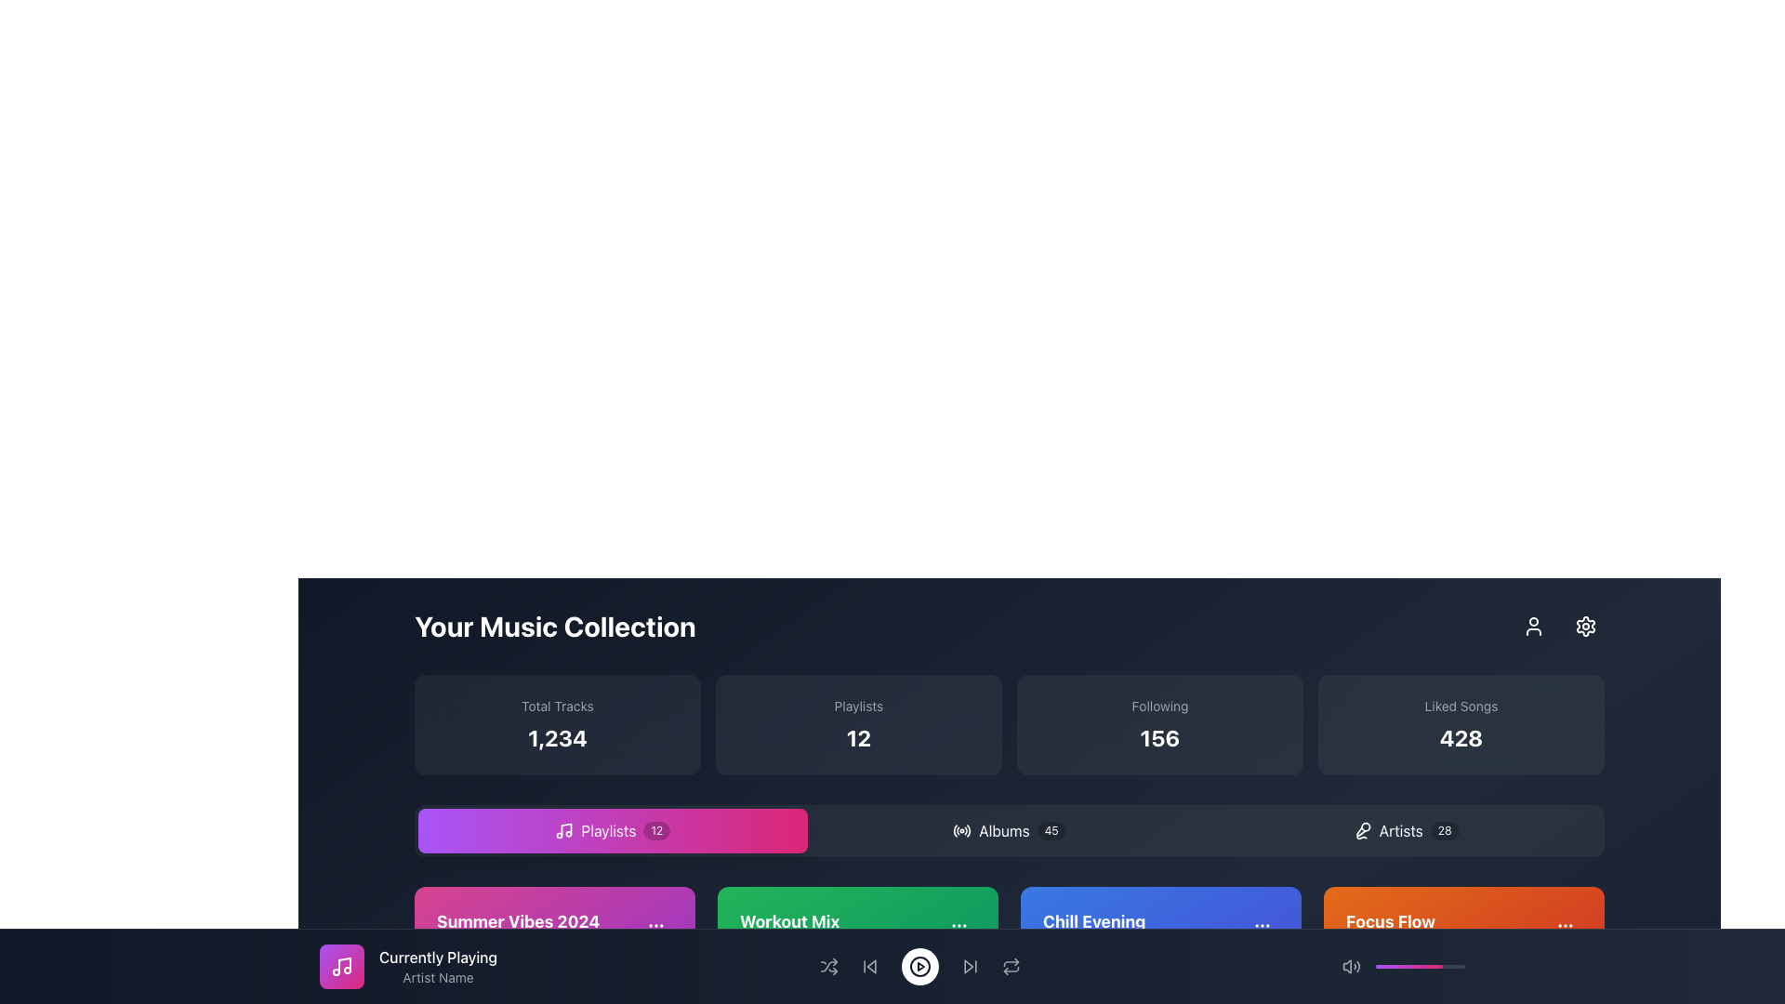 The width and height of the screenshot is (1785, 1004). What do you see at coordinates (1565, 925) in the screenshot?
I see `the button on the far right of the 'Focus Flow' section` at bounding box center [1565, 925].